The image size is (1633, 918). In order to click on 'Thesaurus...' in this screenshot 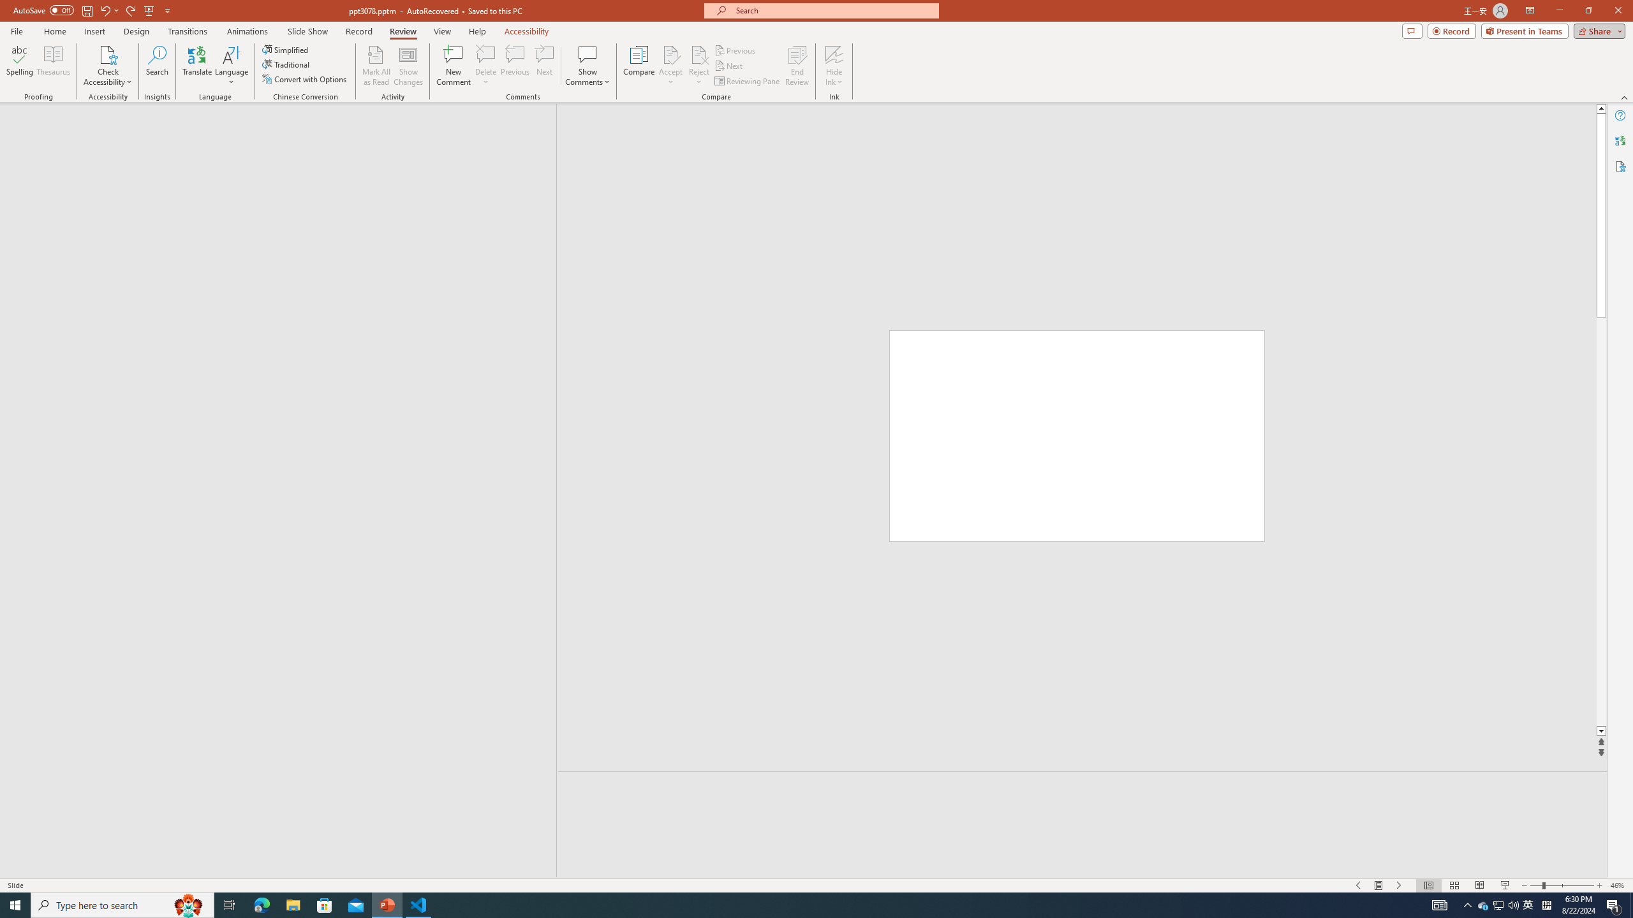, I will do `click(52, 66)`.